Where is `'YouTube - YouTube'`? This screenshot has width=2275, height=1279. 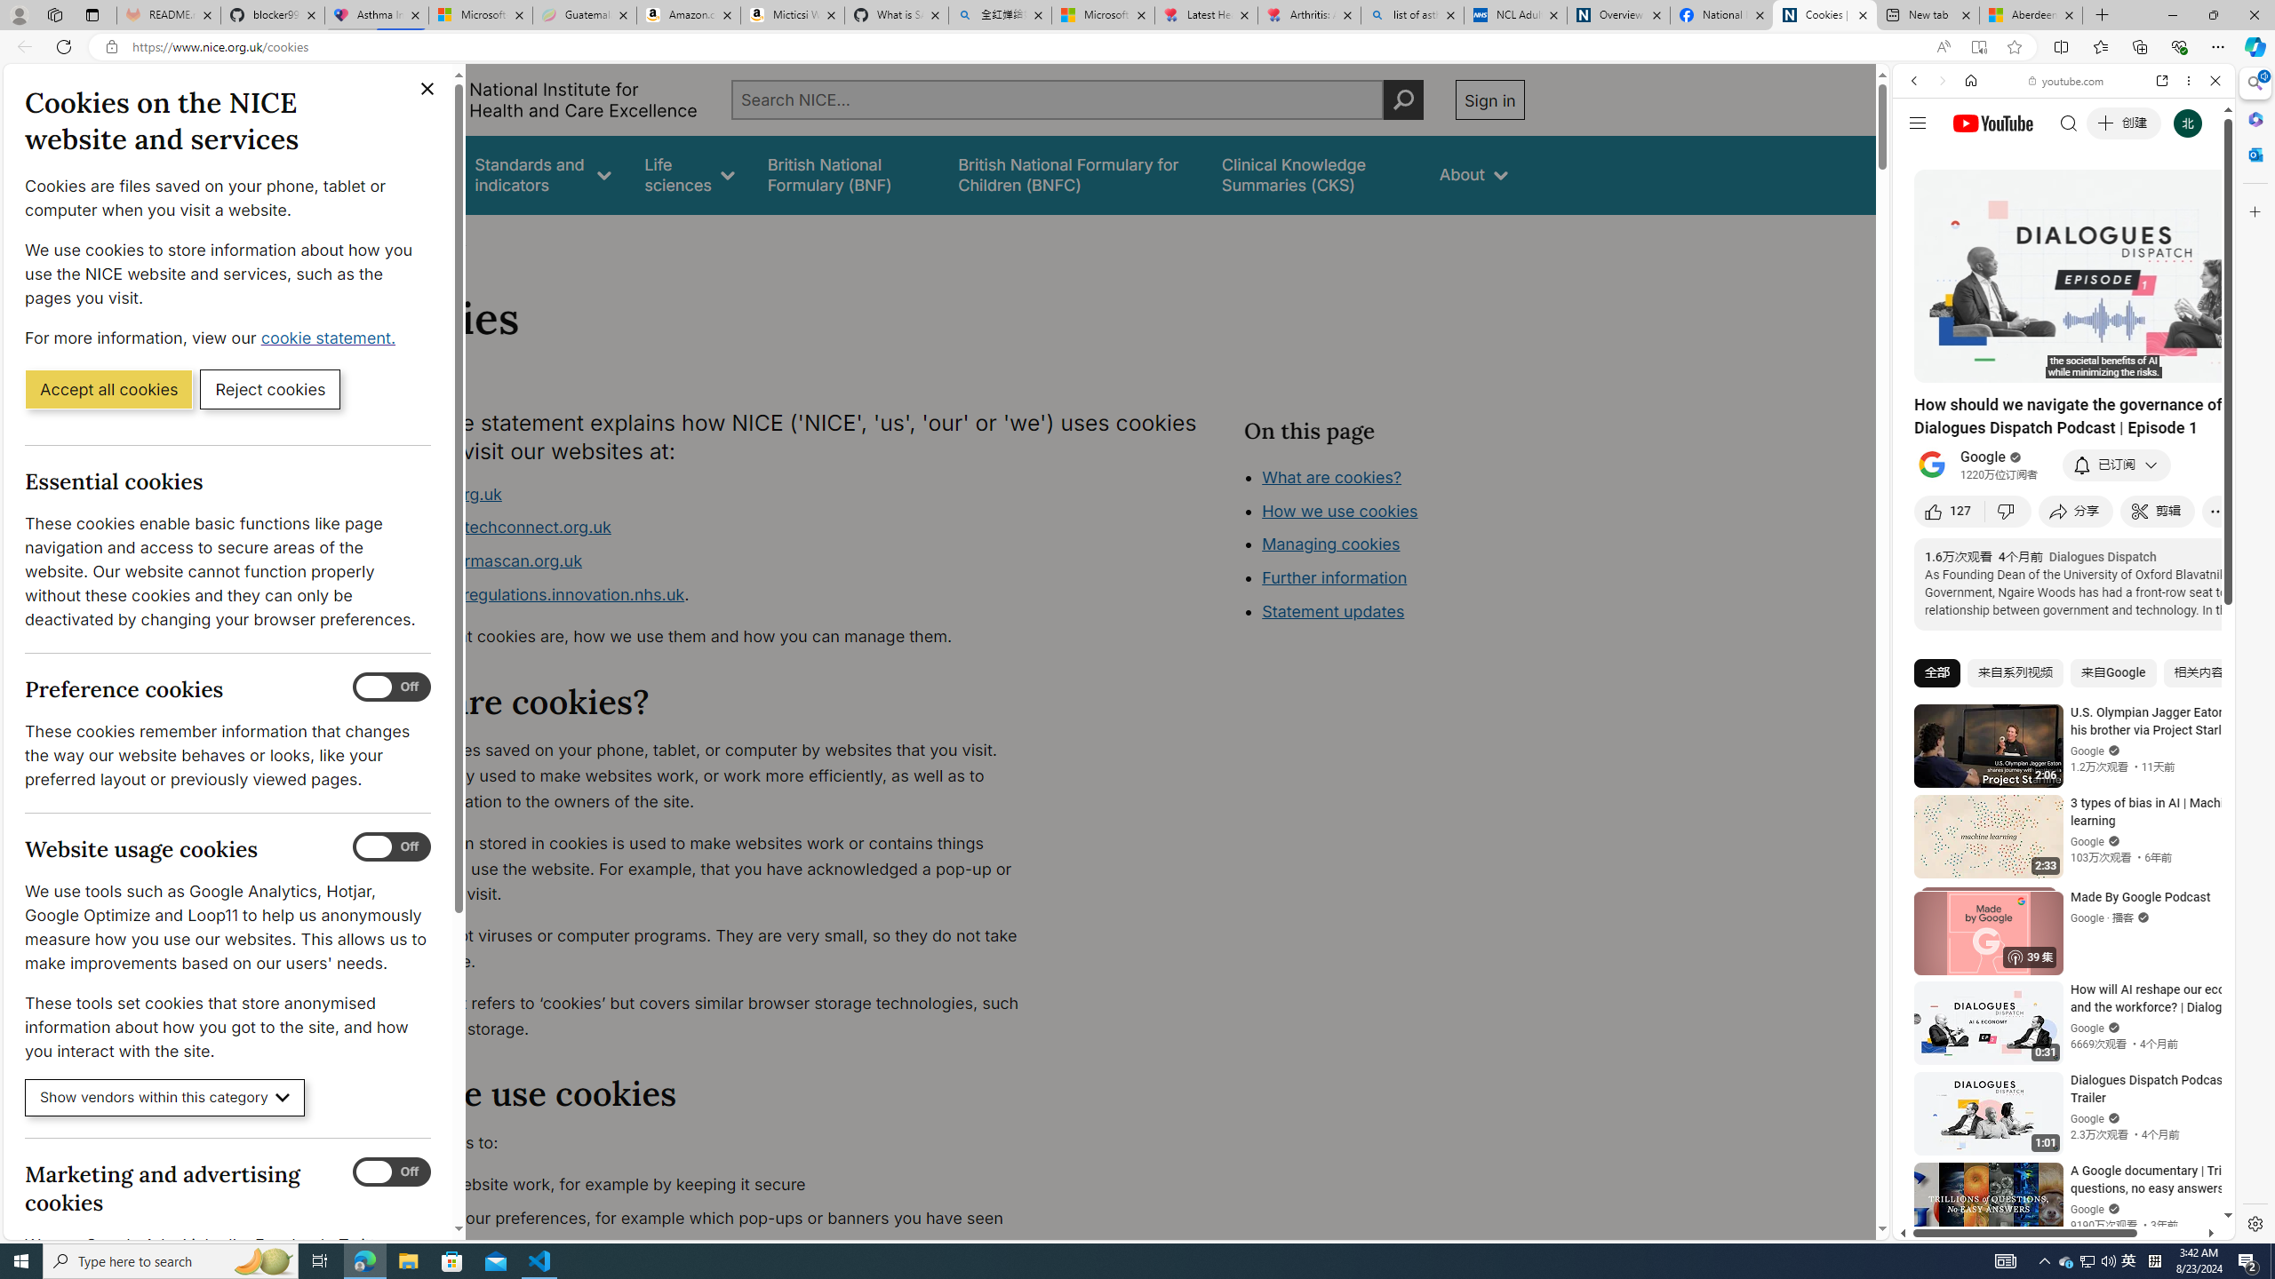 'YouTube - YouTube' is located at coordinates (2056, 875).